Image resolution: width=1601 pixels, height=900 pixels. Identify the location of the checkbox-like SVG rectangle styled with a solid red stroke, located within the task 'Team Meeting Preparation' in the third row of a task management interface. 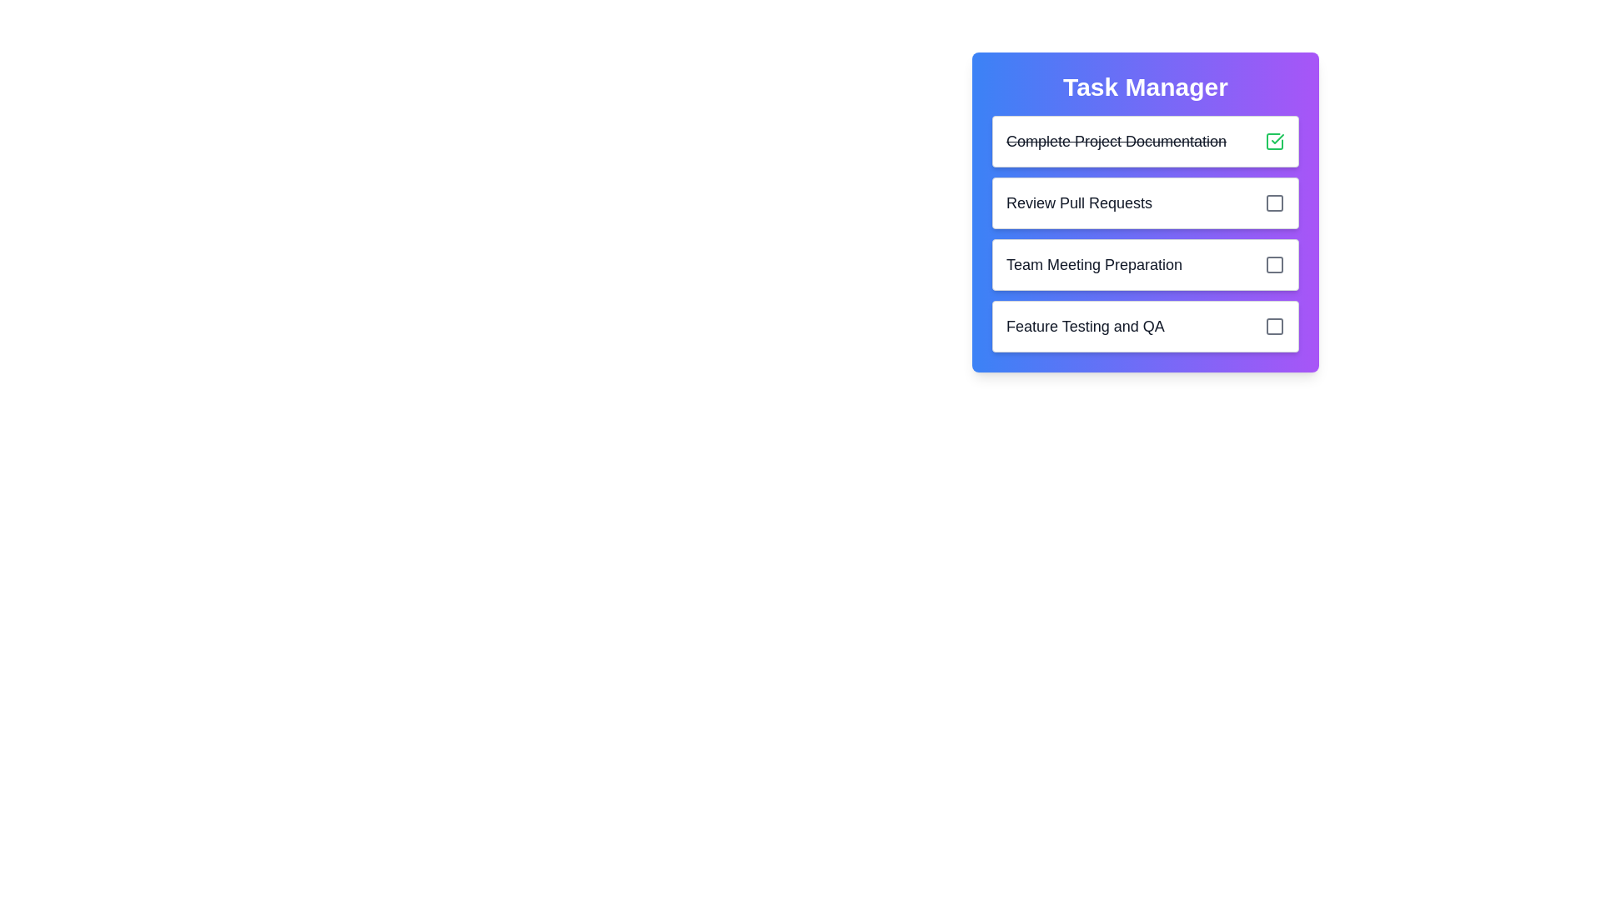
(1274, 263).